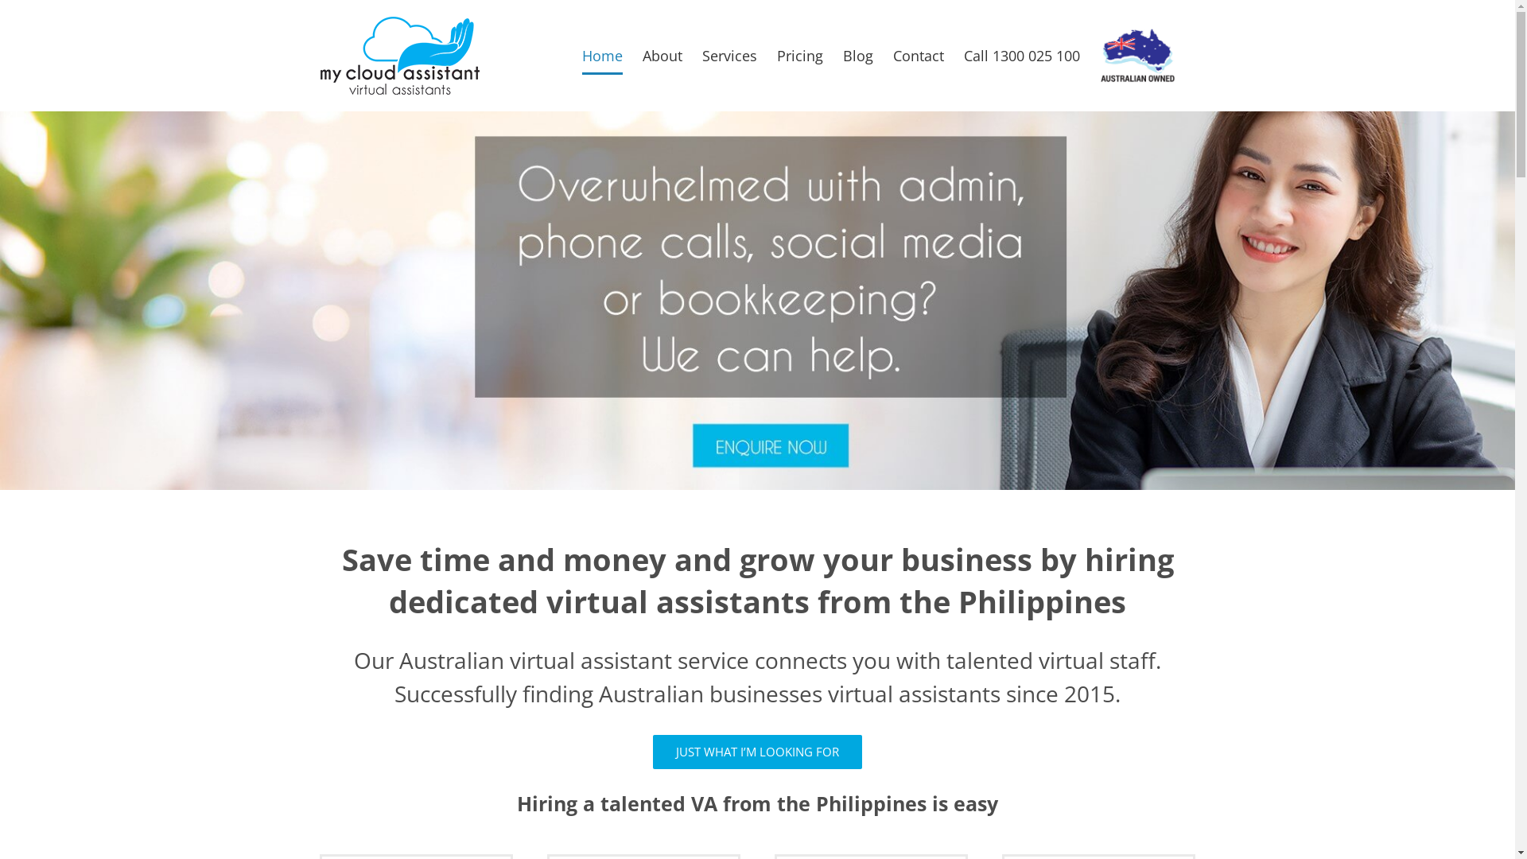  Describe the element at coordinates (962, 54) in the screenshot. I see `'Call 1300 025 100'` at that location.